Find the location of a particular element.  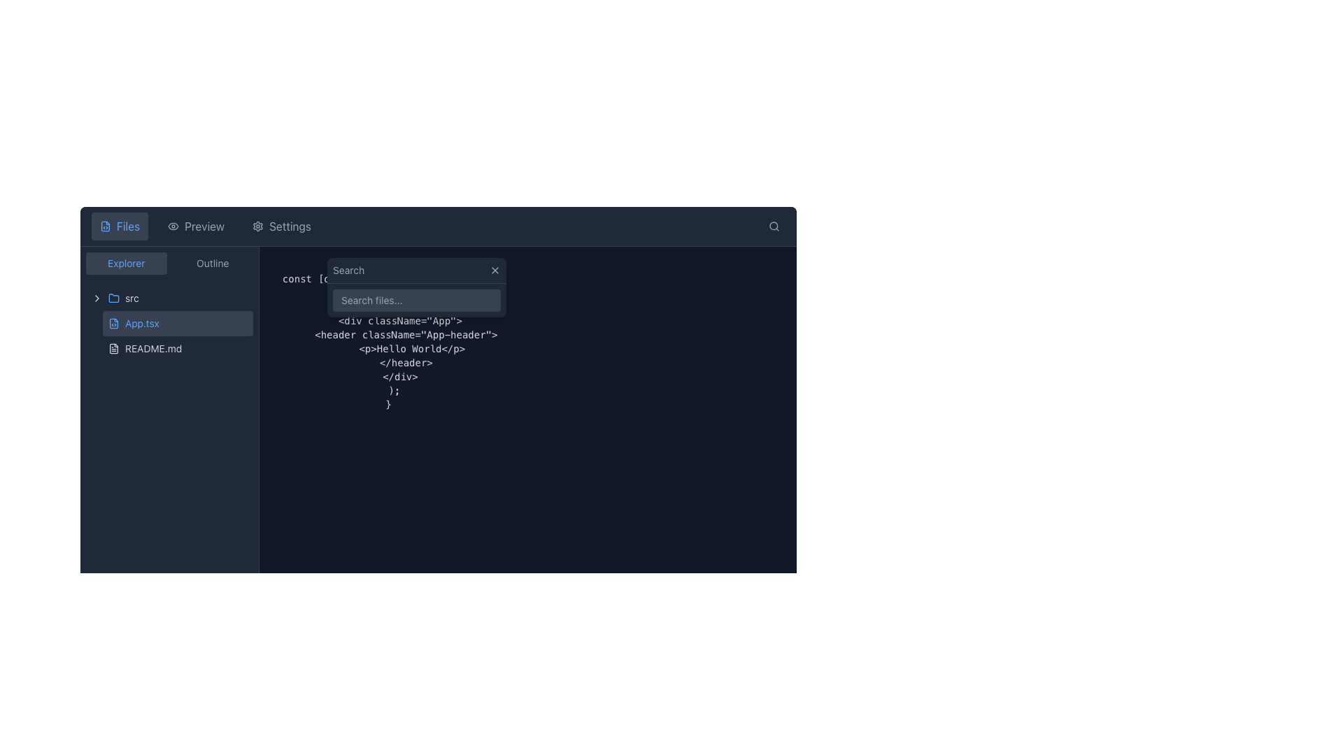

the magnifying glass icon located in the upper-right corner of the interface is located at coordinates (774, 226).